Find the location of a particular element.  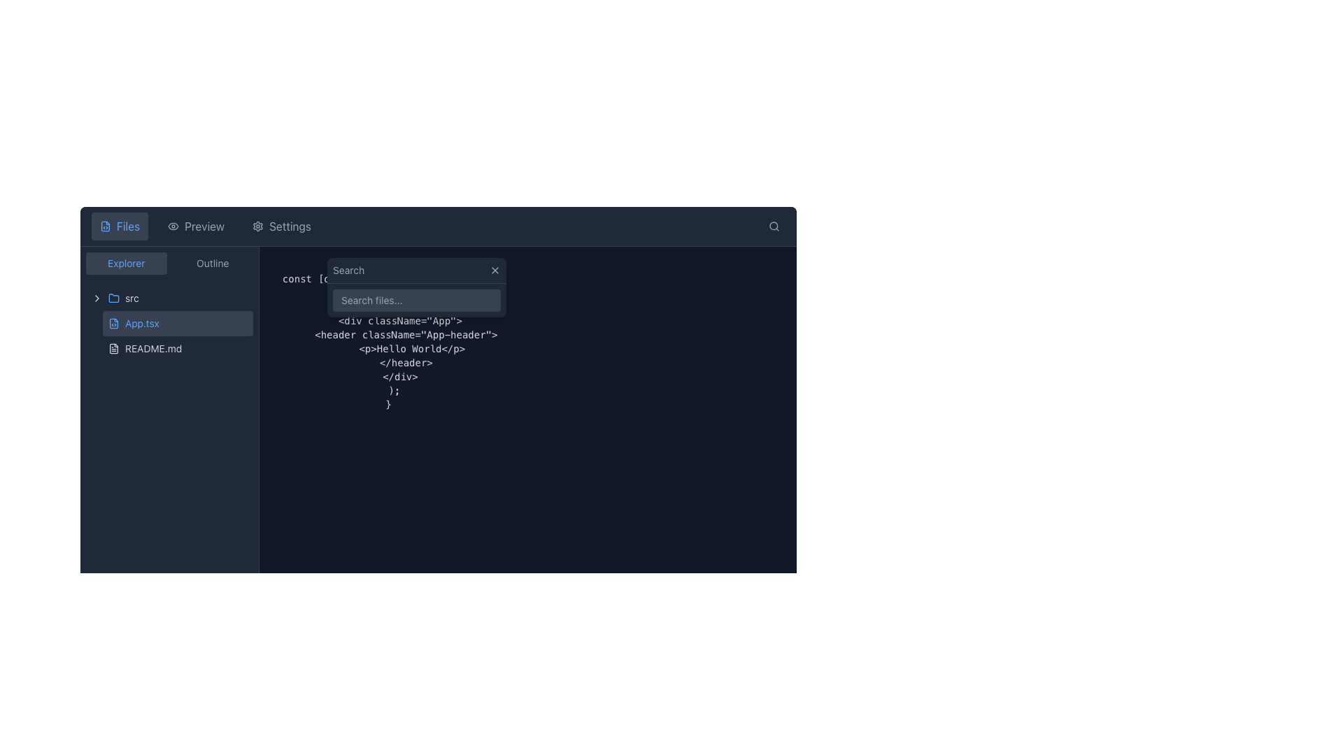

the magnifying glass icon located in the upper-right corner of the interface is located at coordinates (774, 226).